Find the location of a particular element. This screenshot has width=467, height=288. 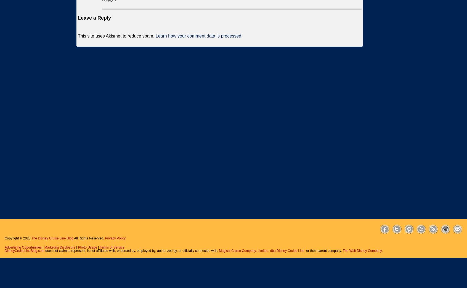

'This site uses Akismet to reduce spam.' is located at coordinates (116, 36).